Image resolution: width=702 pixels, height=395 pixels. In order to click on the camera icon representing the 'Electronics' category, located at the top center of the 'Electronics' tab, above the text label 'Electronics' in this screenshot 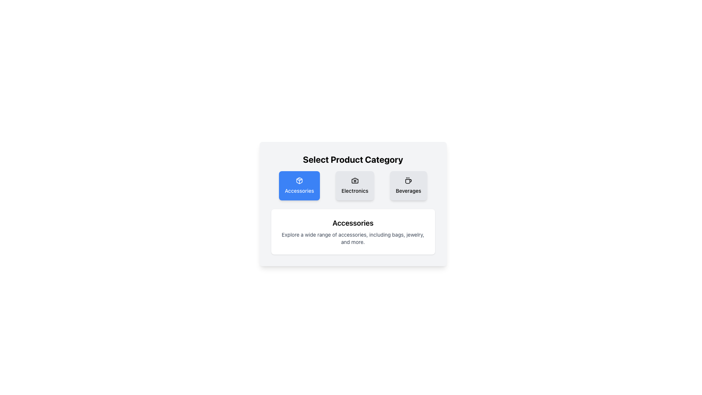, I will do `click(355, 180)`.